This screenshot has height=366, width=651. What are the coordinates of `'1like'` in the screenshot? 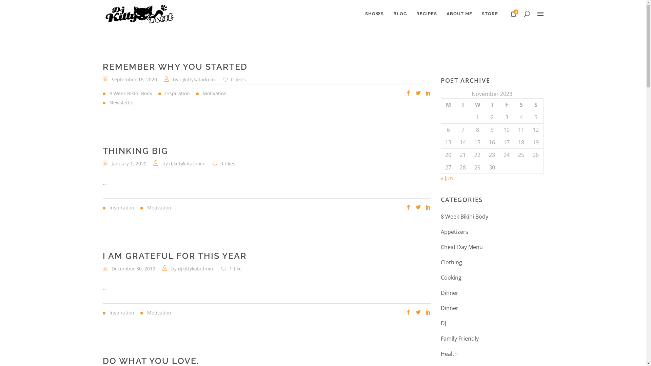 It's located at (231, 268).